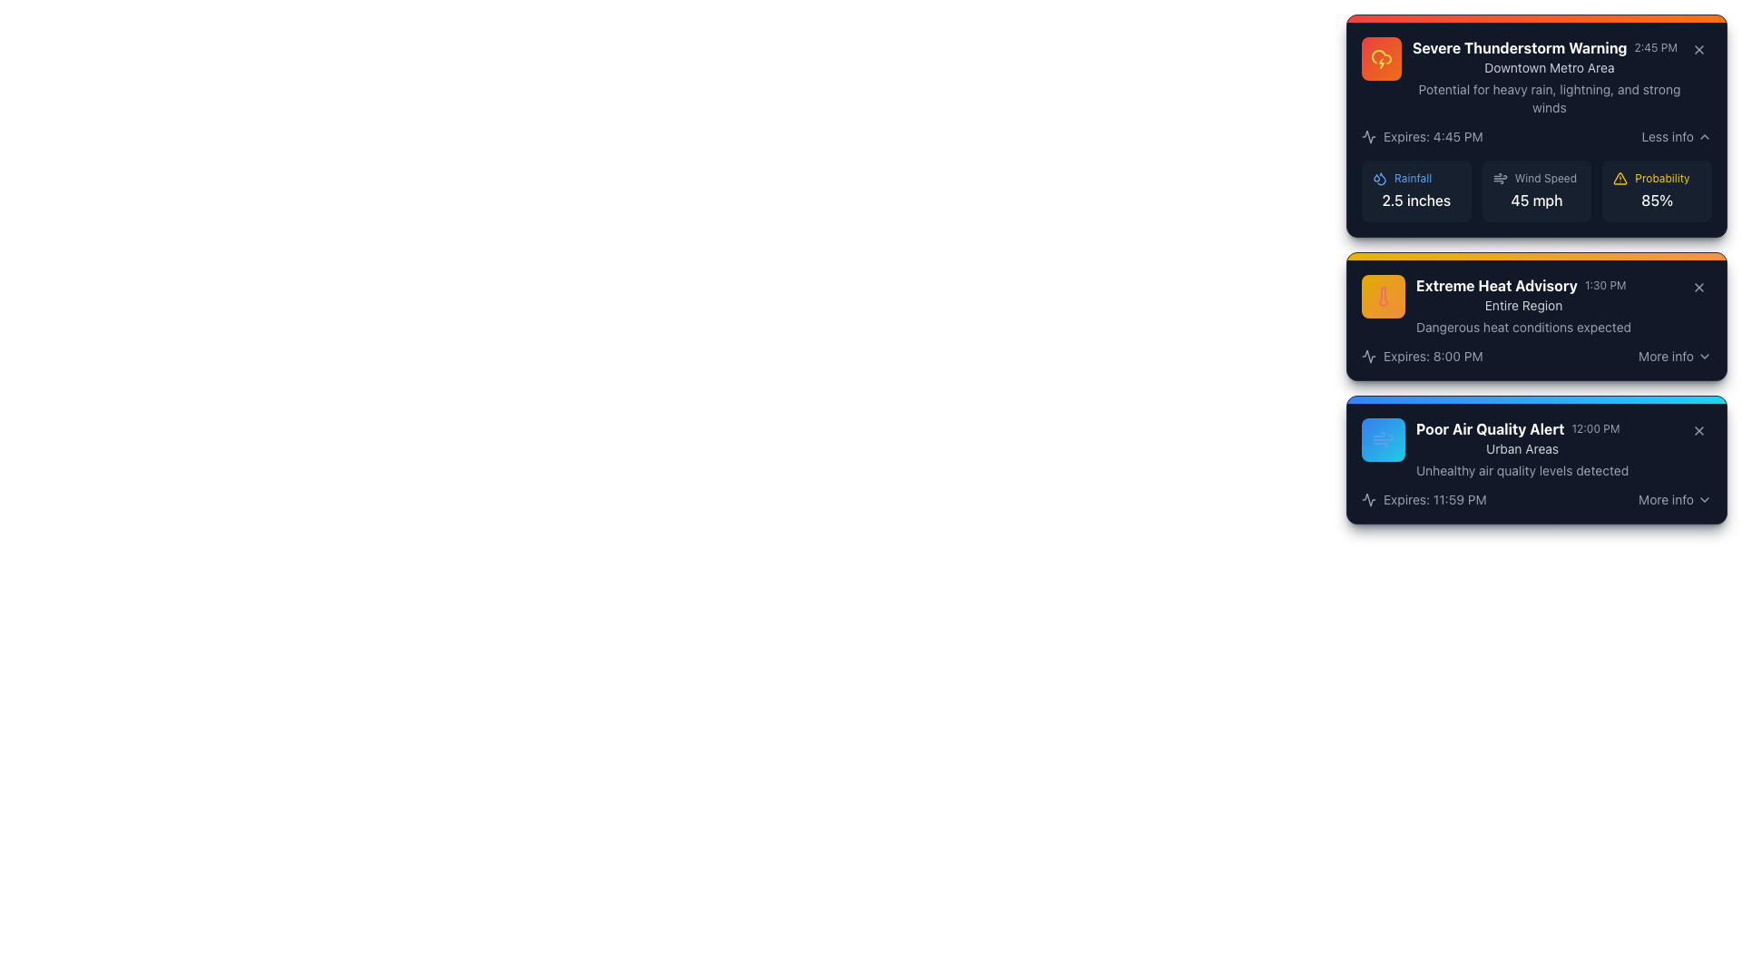 This screenshot has height=980, width=1742. What do you see at coordinates (1432, 135) in the screenshot?
I see `the text label displaying 'Expires: 4:45 PM' located within the 'Severe Thunderstorm Warning' alert box, aligned centrally below the title and description` at bounding box center [1432, 135].